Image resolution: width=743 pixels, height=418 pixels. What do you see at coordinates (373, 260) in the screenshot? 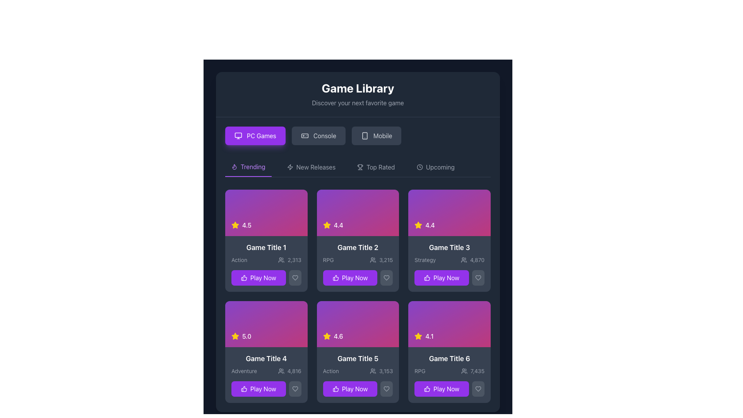
I see `the user metrics icon associated with 'Game Title 2', which visually represents the number of users and is located in the second card of the game listing section` at bounding box center [373, 260].